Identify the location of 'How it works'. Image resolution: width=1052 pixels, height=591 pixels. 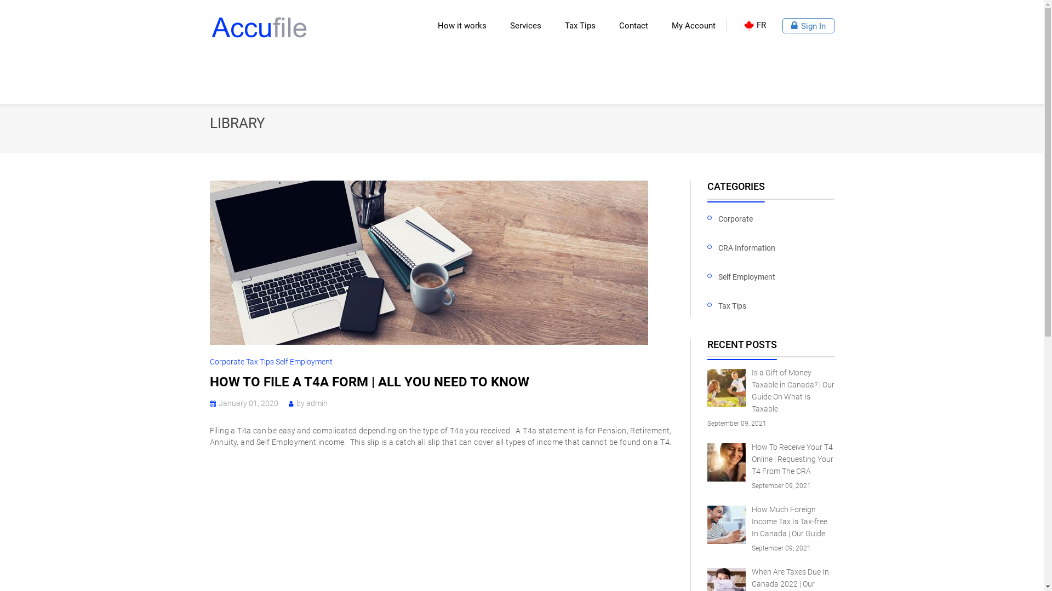
(465, 25).